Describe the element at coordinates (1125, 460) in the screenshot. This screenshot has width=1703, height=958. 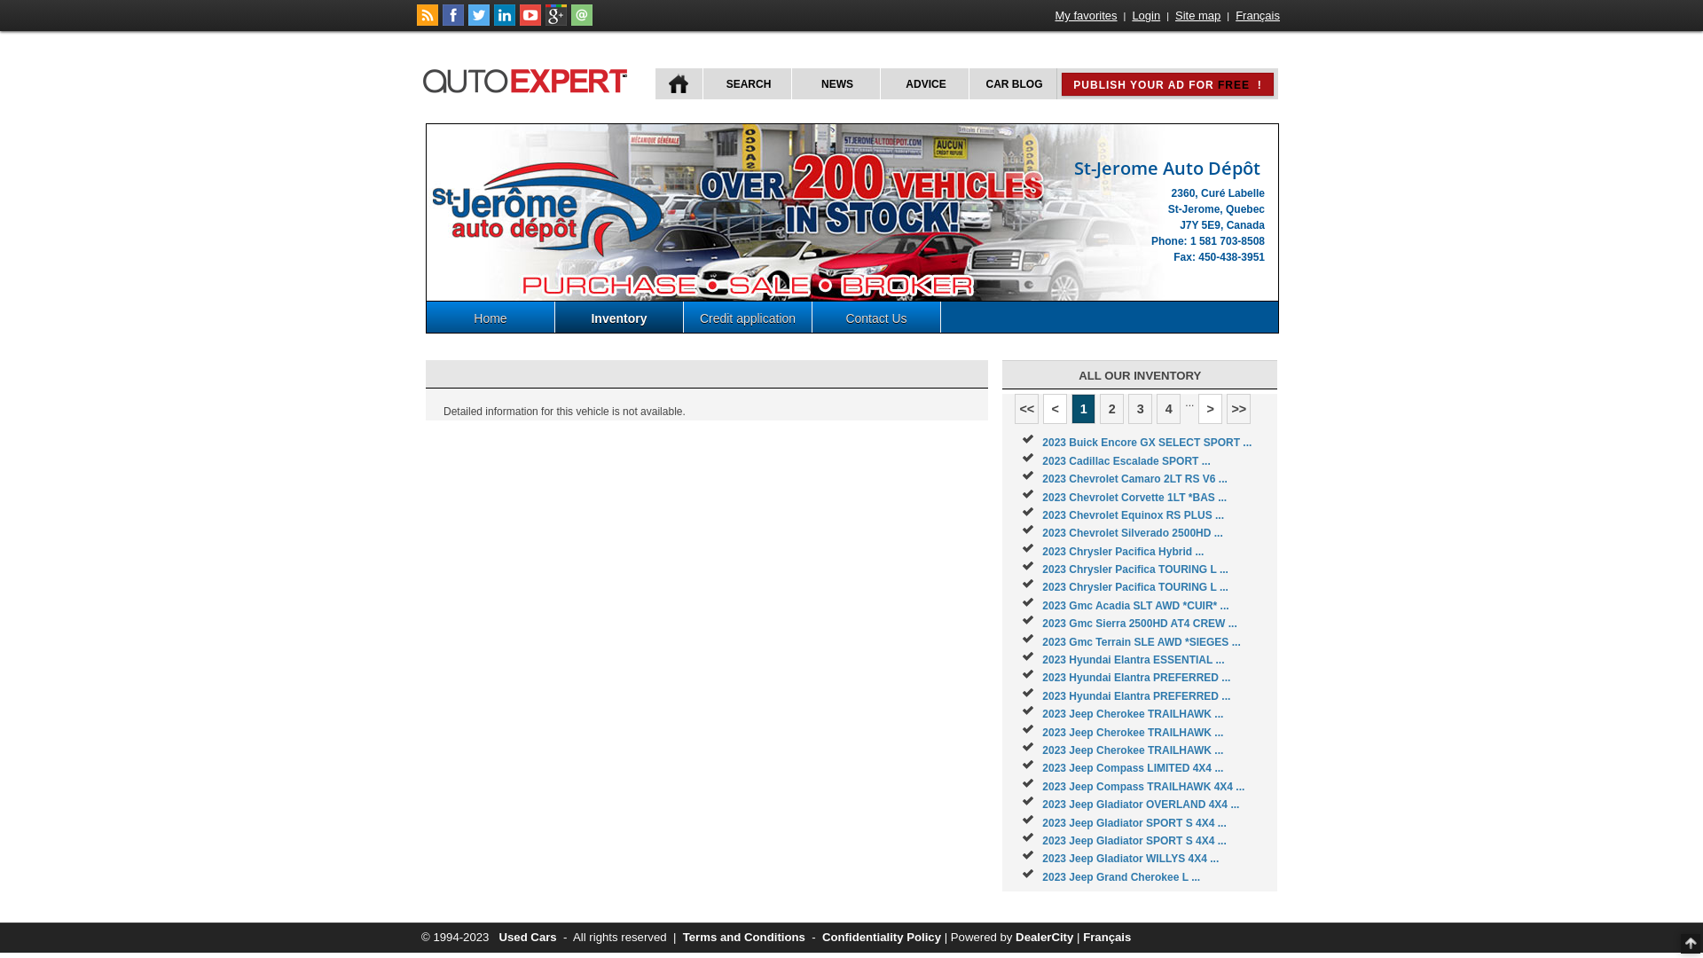
I see `'2023 Cadillac Escalade SPORT ...'` at that location.